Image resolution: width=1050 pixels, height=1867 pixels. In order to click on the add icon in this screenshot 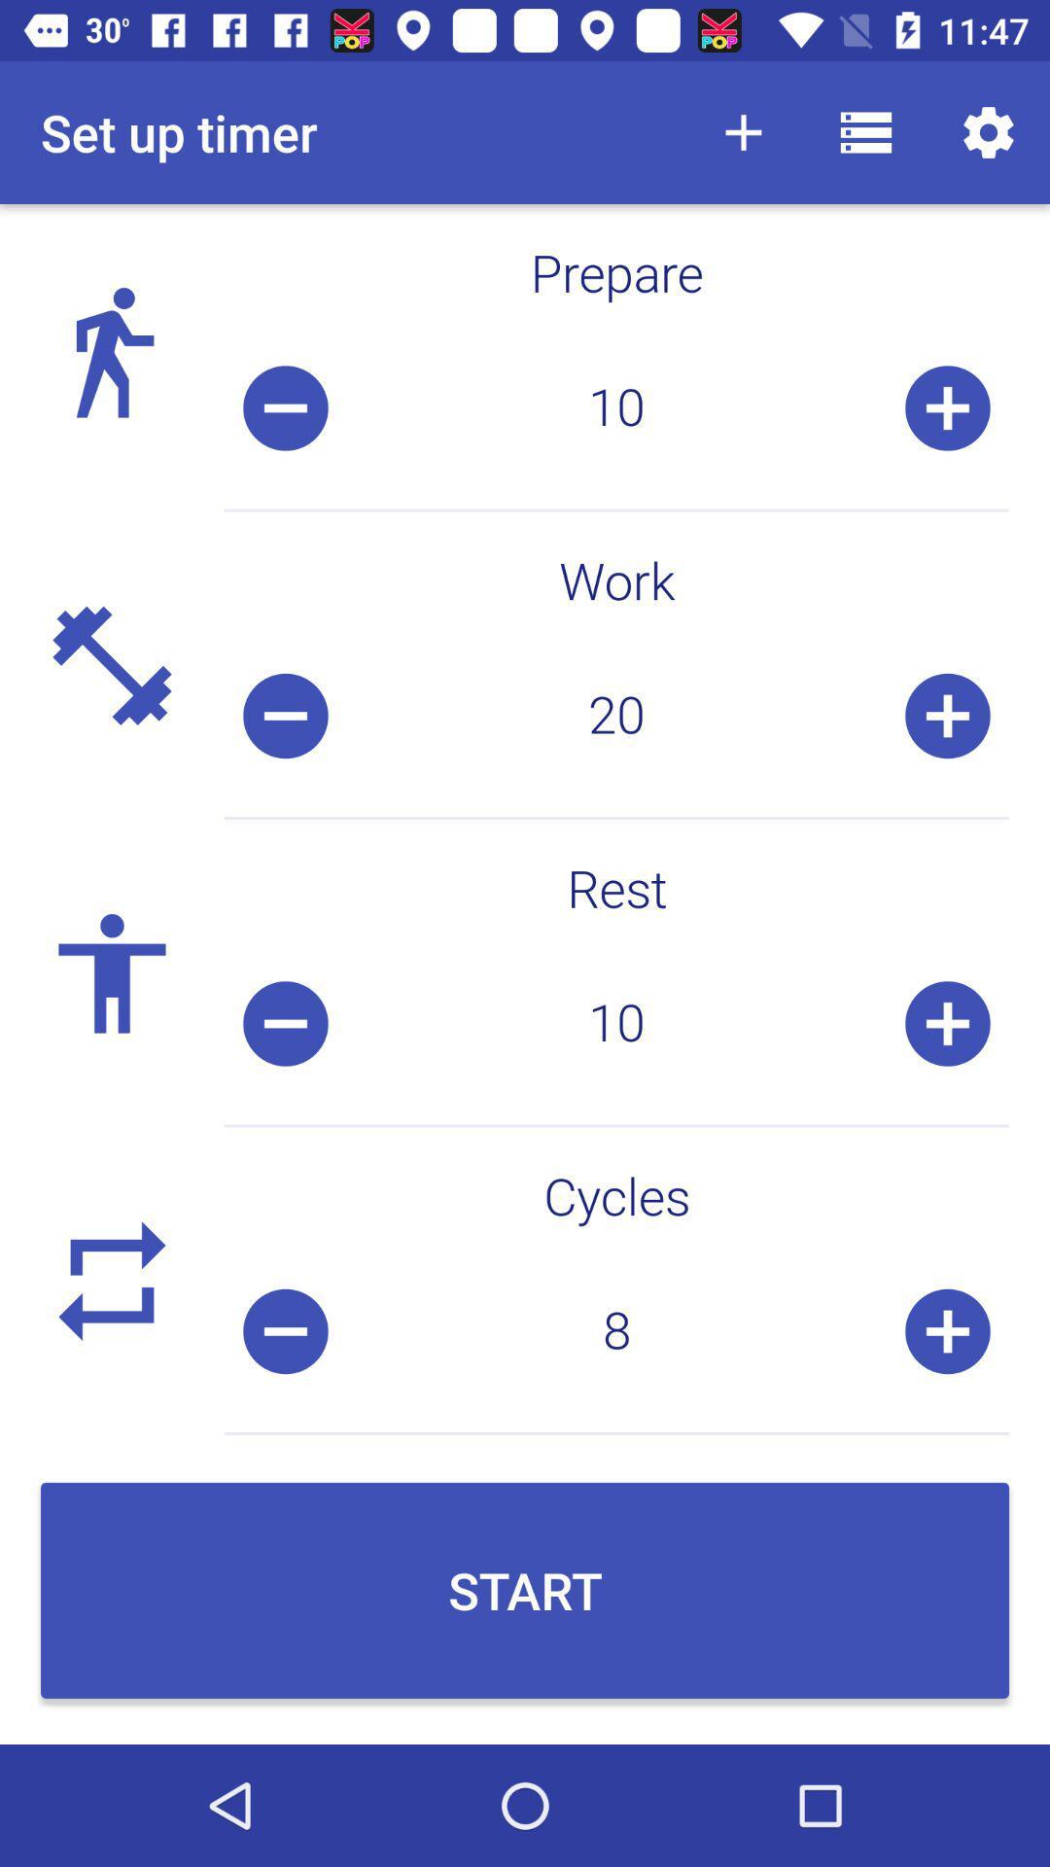, I will do `click(947, 407)`.